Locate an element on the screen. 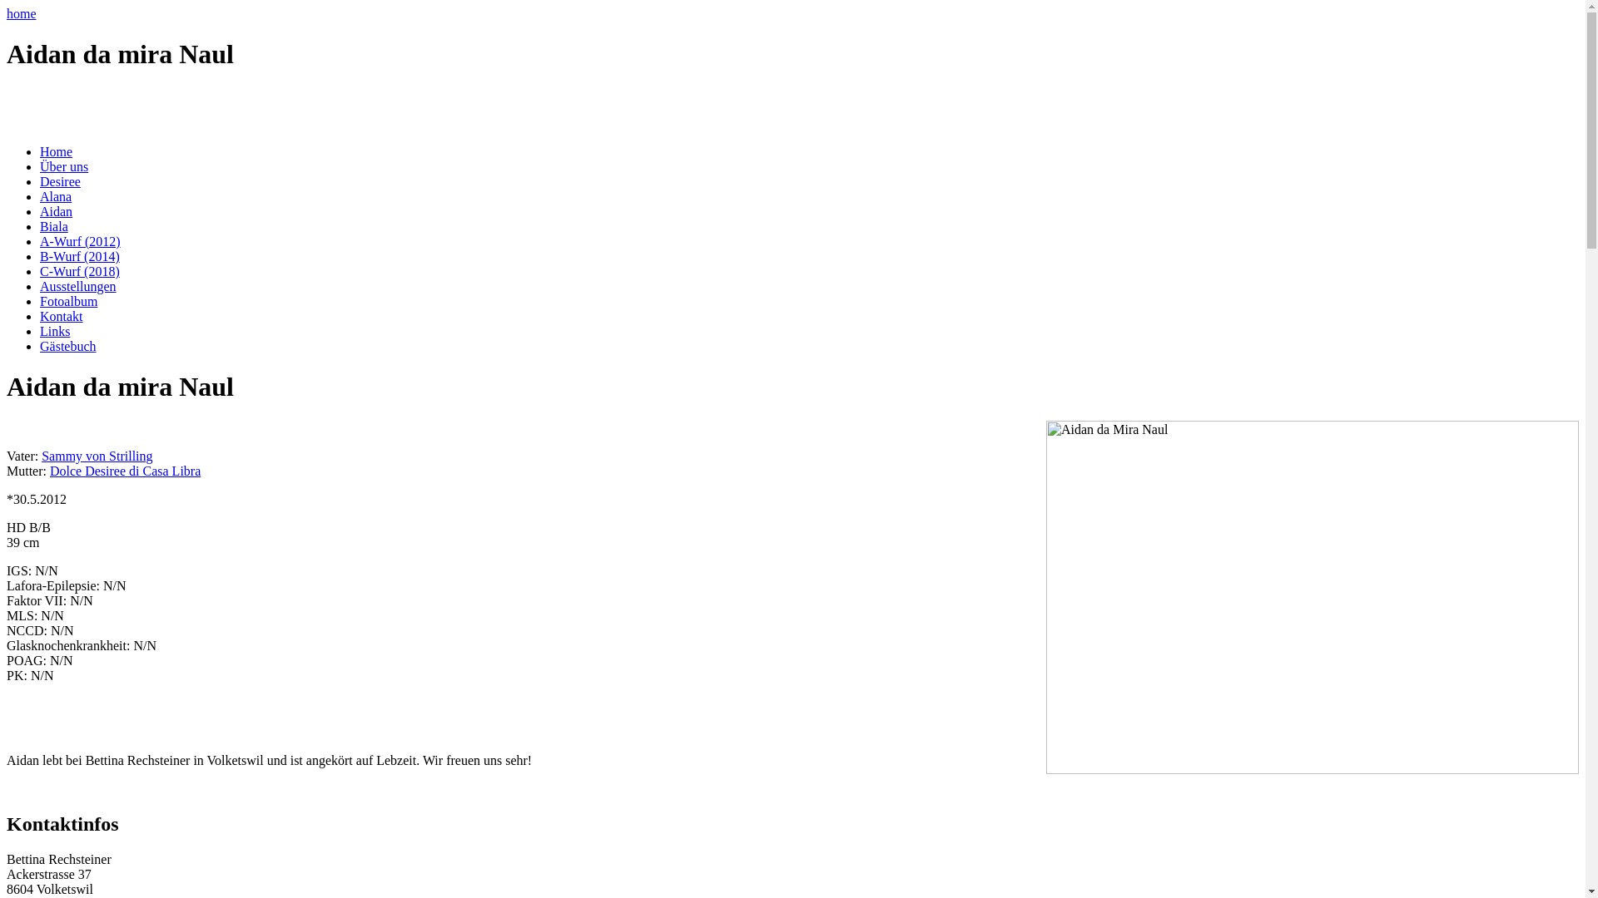 The height and width of the screenshot is (898, 1598). 'Biala' is located at coordinates (54, 226).